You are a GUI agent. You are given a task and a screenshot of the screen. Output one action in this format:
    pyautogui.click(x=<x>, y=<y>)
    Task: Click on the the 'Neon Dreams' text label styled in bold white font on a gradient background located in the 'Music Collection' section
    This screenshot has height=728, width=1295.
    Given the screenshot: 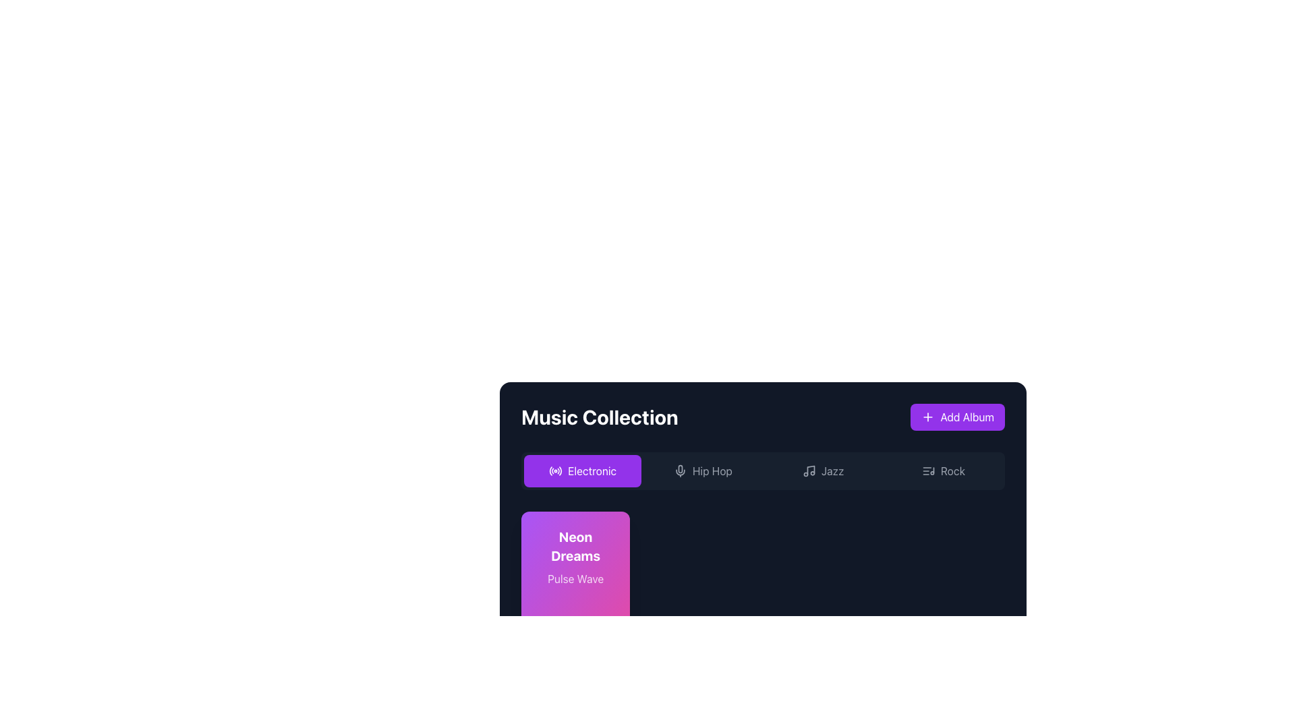 What is the action you would take?
    pyautogui.click(x=575, y=546)
    